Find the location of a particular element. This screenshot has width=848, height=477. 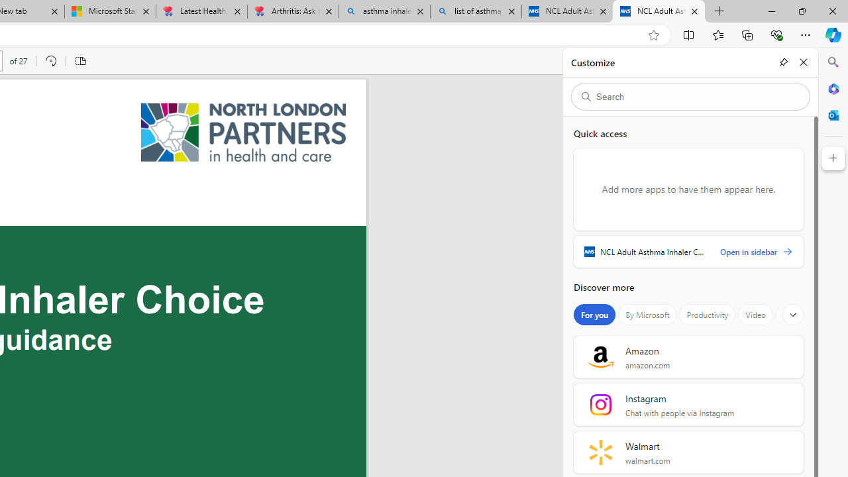

'Arthritis: Ask Health Professionals' is located at coordinates (292, 11).